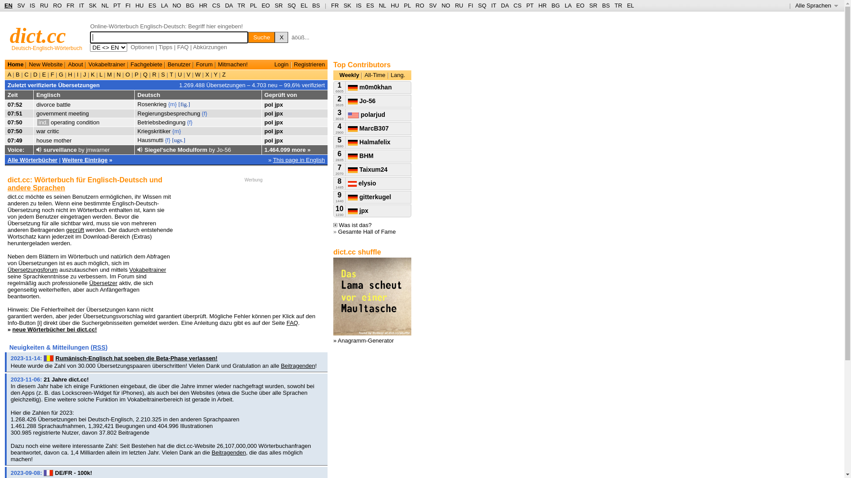 This screenshot has width=851, height=478. Describe the element at coordinates (394, 5) in the screenshot. I see `'HU'` at that location.